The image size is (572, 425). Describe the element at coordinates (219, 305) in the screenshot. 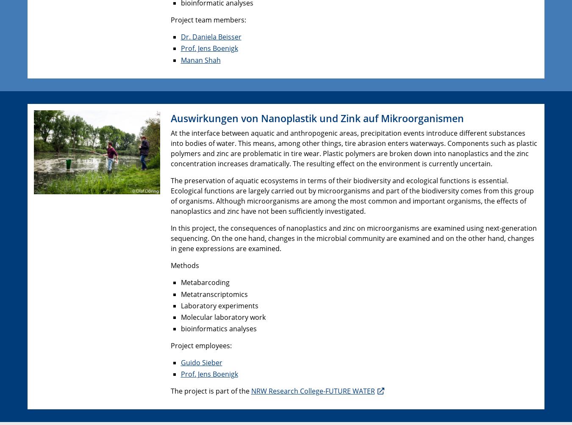

I see `'Laboratory experiments'` at that location.